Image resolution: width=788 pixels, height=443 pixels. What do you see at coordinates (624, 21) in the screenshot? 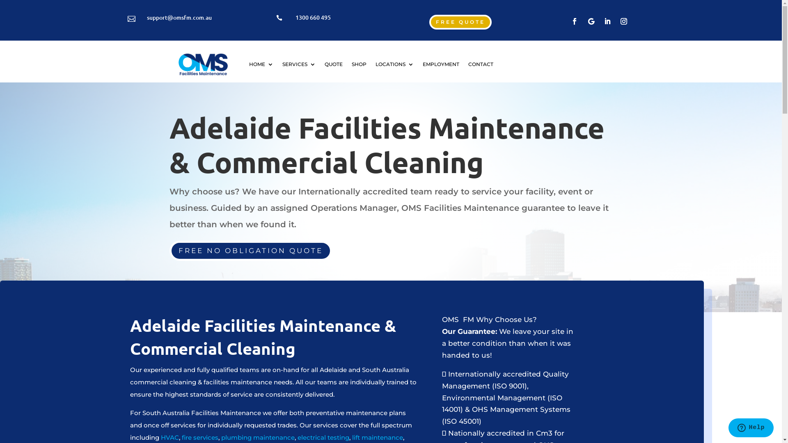
I see `'Follow on Instagram'` at bounding box center [624, 21].